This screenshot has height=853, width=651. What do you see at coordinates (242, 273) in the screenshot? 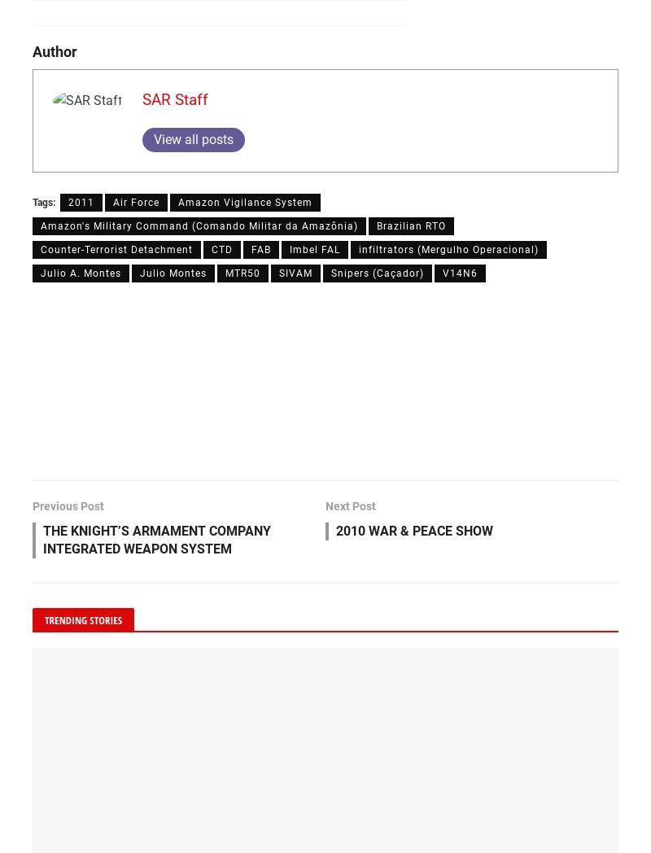
I see `'MTR50'` at bounding box center [242, 273].